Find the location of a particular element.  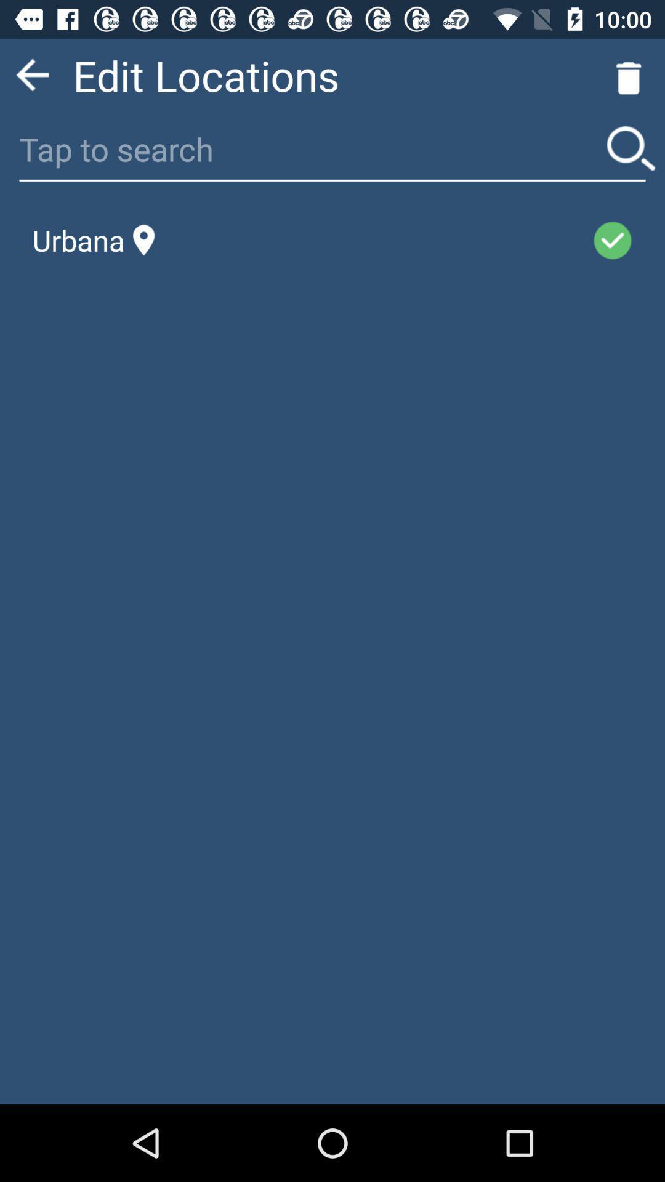

the urbana app is located at coordinates (93, 240).